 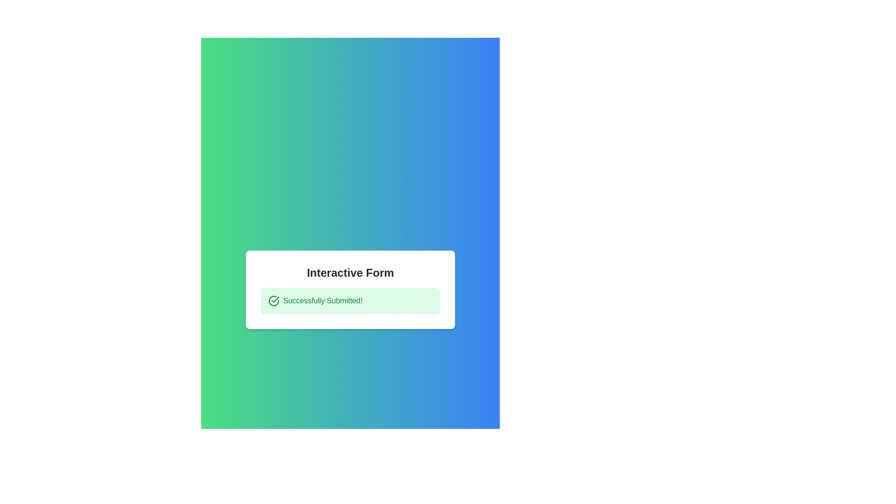 What do you see at coordinates (275, 299) in the screenshot?
I see `the green checkmark graphic located near the upper-left corner of the 'Interactive Form' labeled 'Successfully Submitted!'` at bounding box center [275, 299].